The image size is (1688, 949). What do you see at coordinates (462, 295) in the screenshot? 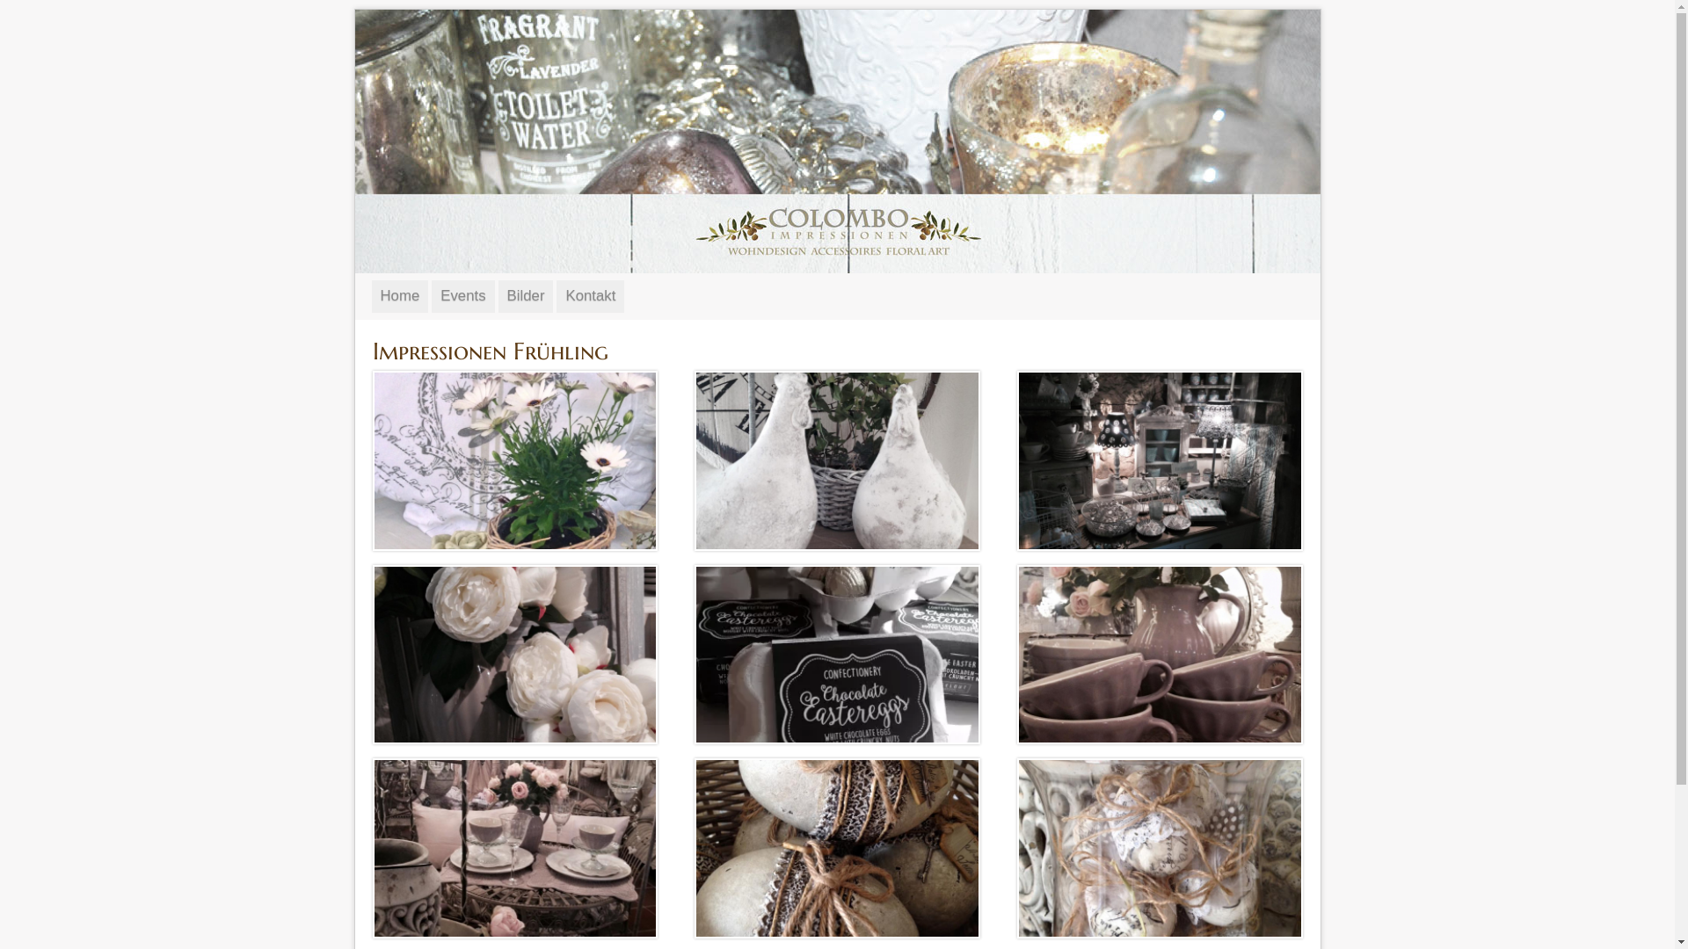
I see `'Events'` at bounding box center [462, 295].